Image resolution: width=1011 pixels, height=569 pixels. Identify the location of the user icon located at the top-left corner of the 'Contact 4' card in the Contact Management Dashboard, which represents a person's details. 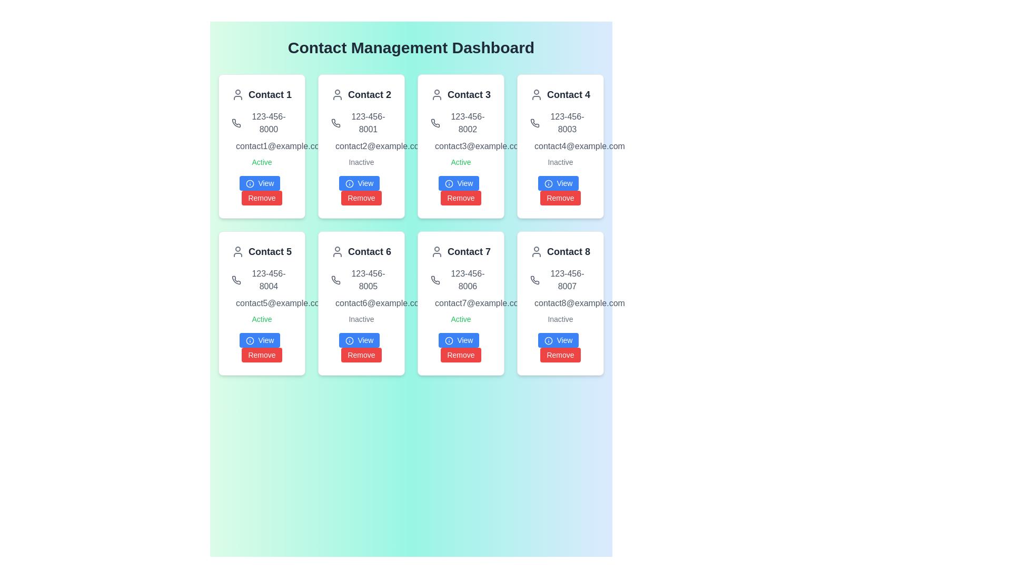
(536, 95).